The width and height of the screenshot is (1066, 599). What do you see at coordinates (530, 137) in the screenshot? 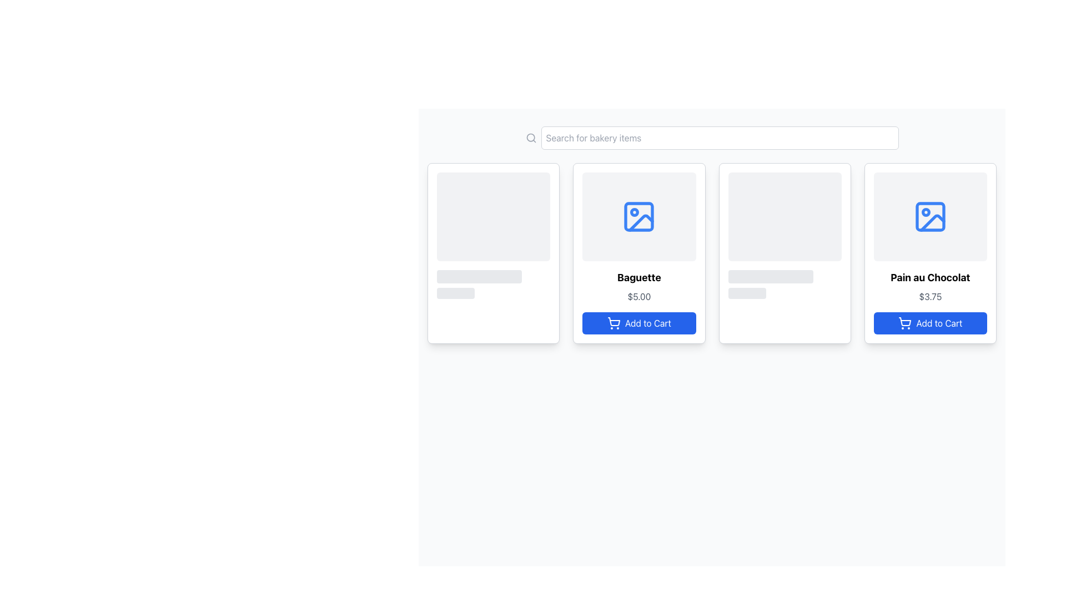
I see `the circle within the magnifying glass icon, located slightly to the left of its center, positioned near the search input field` at bounding box center [530, 137].